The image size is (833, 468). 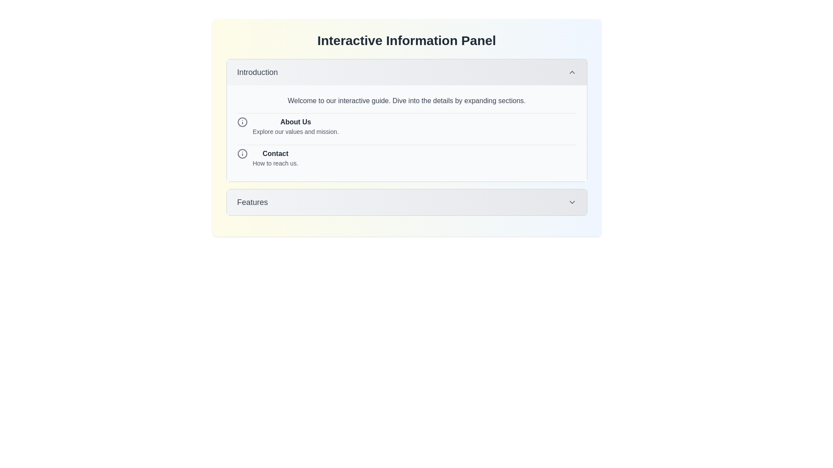 I want to click on the chevron icon located at the right end of the 'Features' section to trigger the tooltip effect, so click(x=572, y=202).